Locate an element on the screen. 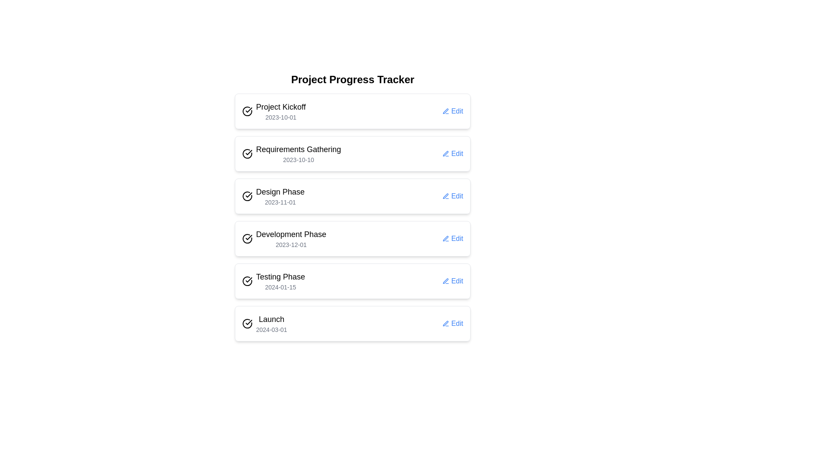  the milestone text with icon located in the bottom section of the progress tracker, which is the last step in the vertical list, positioned to the left of the 'Edit' button is located at coordinates (264, 324).